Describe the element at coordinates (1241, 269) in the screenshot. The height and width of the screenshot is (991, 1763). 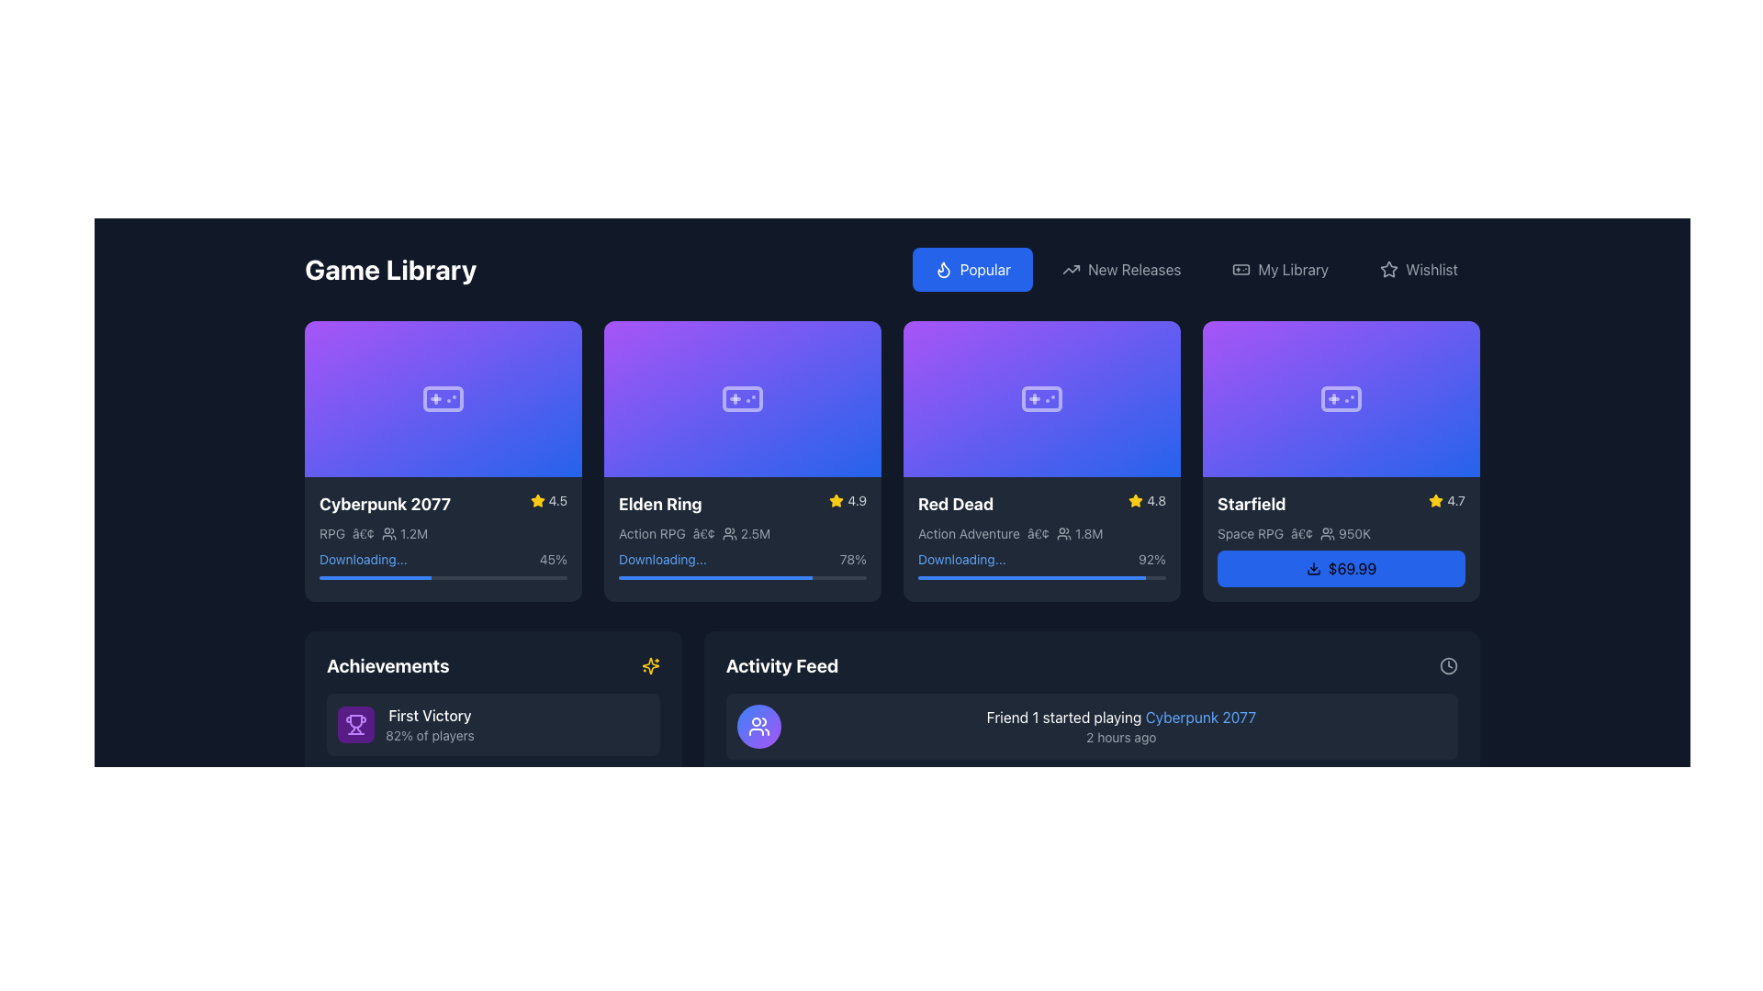
I see `the icon located` at that location.